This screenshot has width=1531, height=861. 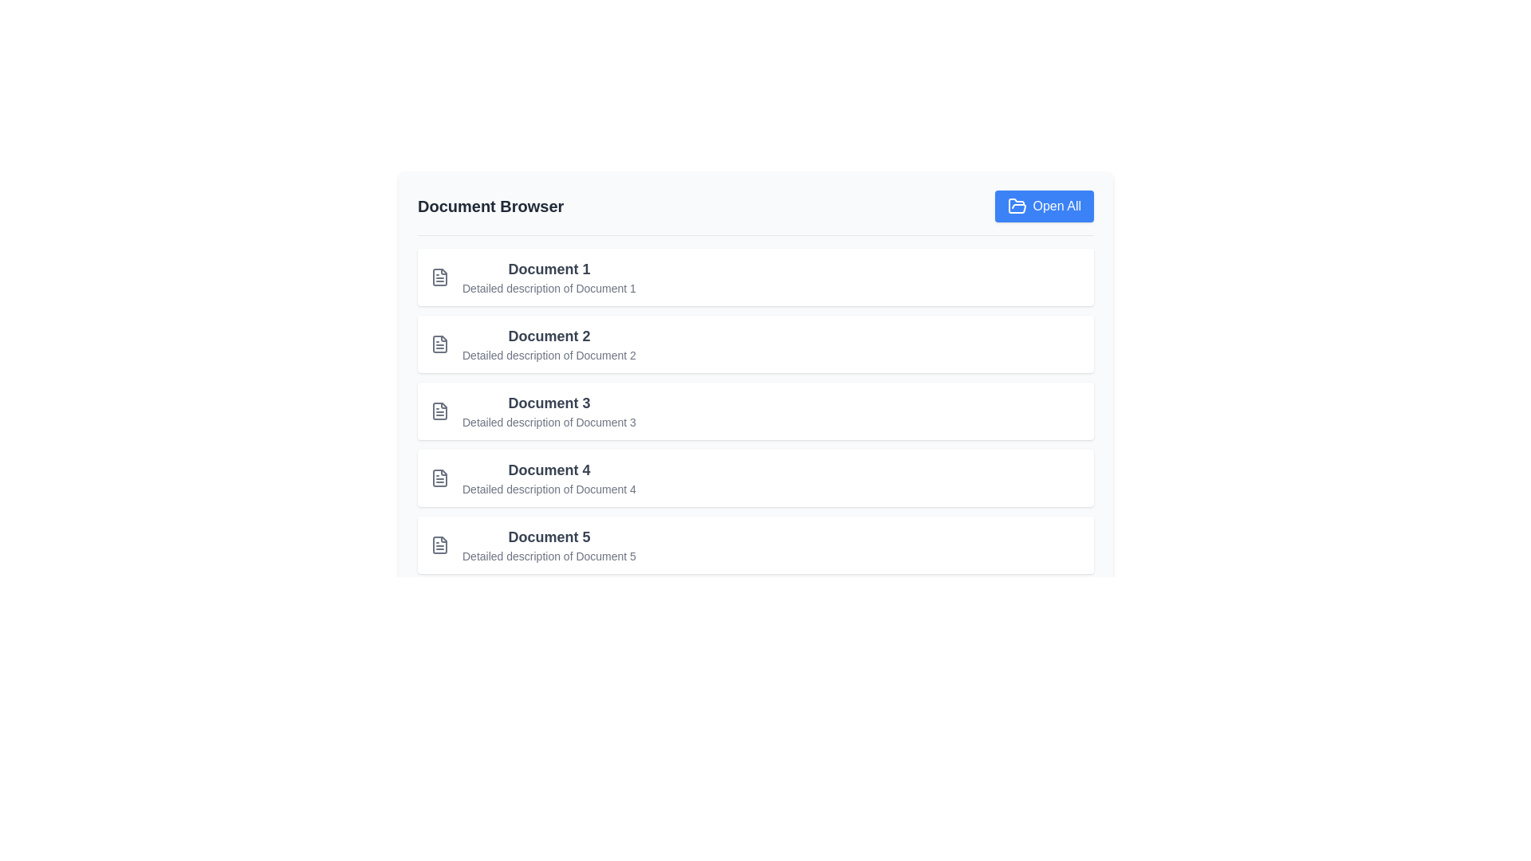 What do you see at coordinates (440, 276) in the screenshot?
I see `the Decorative icon resembling a text document, which is located at the leftmost position within a rounded rectangular card representing 'Document 1'` at bounding box center [440, 276].